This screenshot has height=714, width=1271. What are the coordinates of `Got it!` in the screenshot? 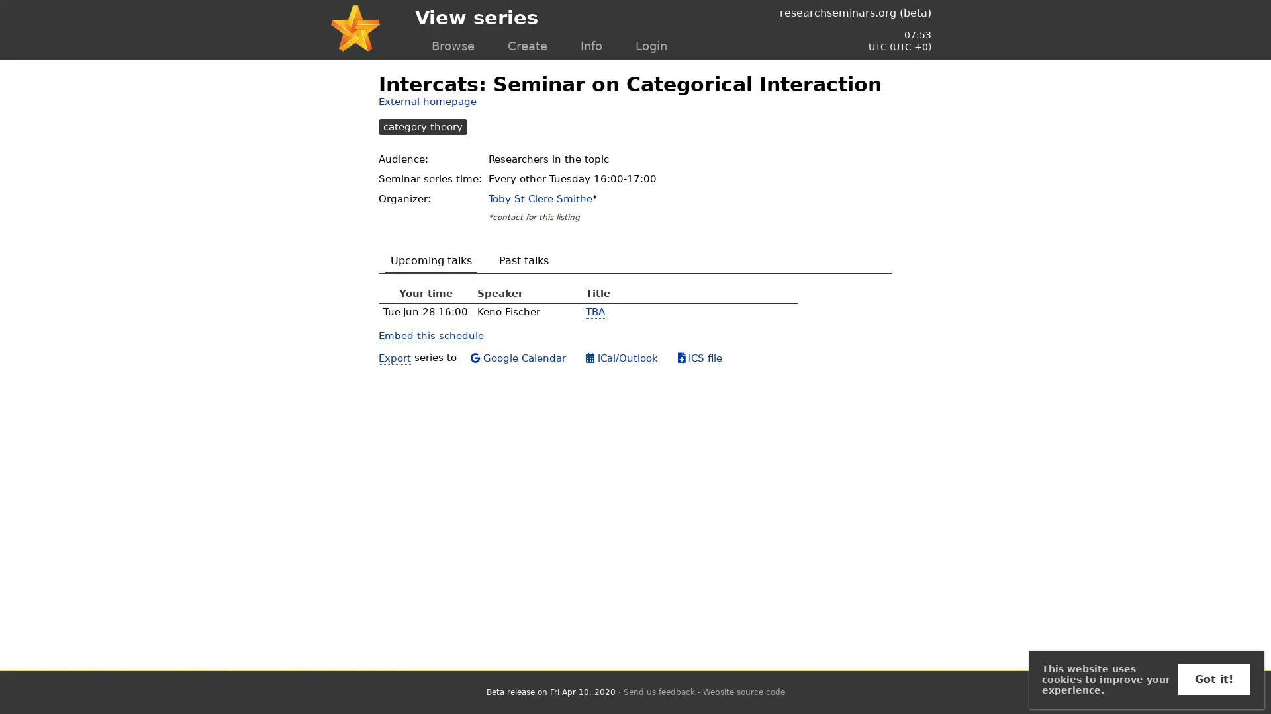 It's located at (1213, 680).